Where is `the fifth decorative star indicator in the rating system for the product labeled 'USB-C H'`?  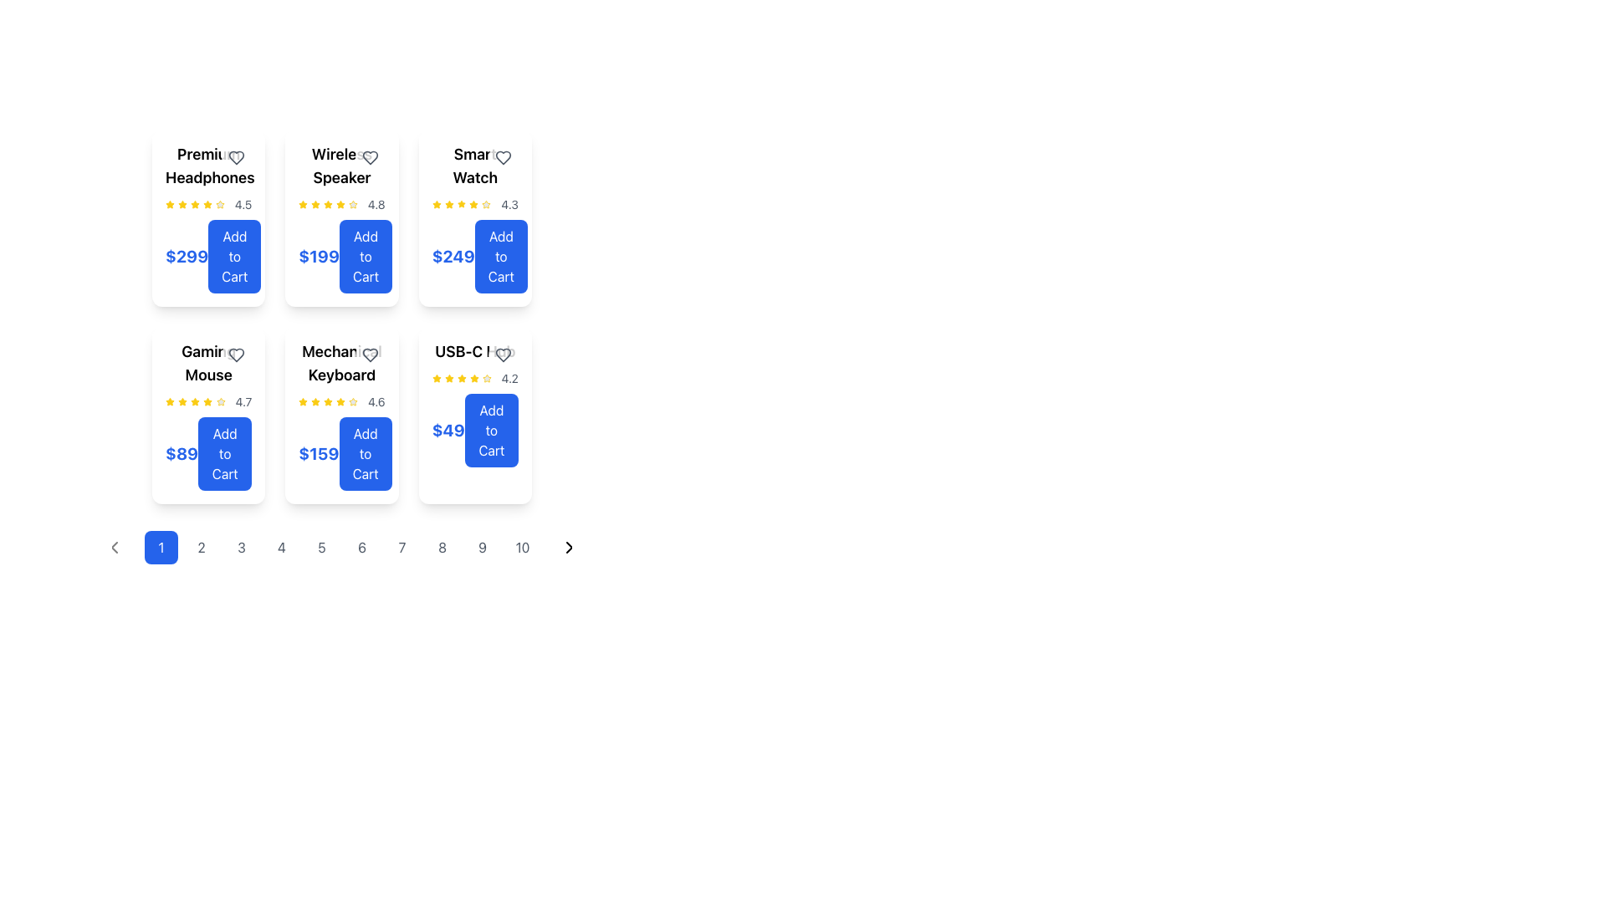
the fifth decorative star indicator in the rating system for the product labeled 'USB-C H' is located at coordinates (486, 378).